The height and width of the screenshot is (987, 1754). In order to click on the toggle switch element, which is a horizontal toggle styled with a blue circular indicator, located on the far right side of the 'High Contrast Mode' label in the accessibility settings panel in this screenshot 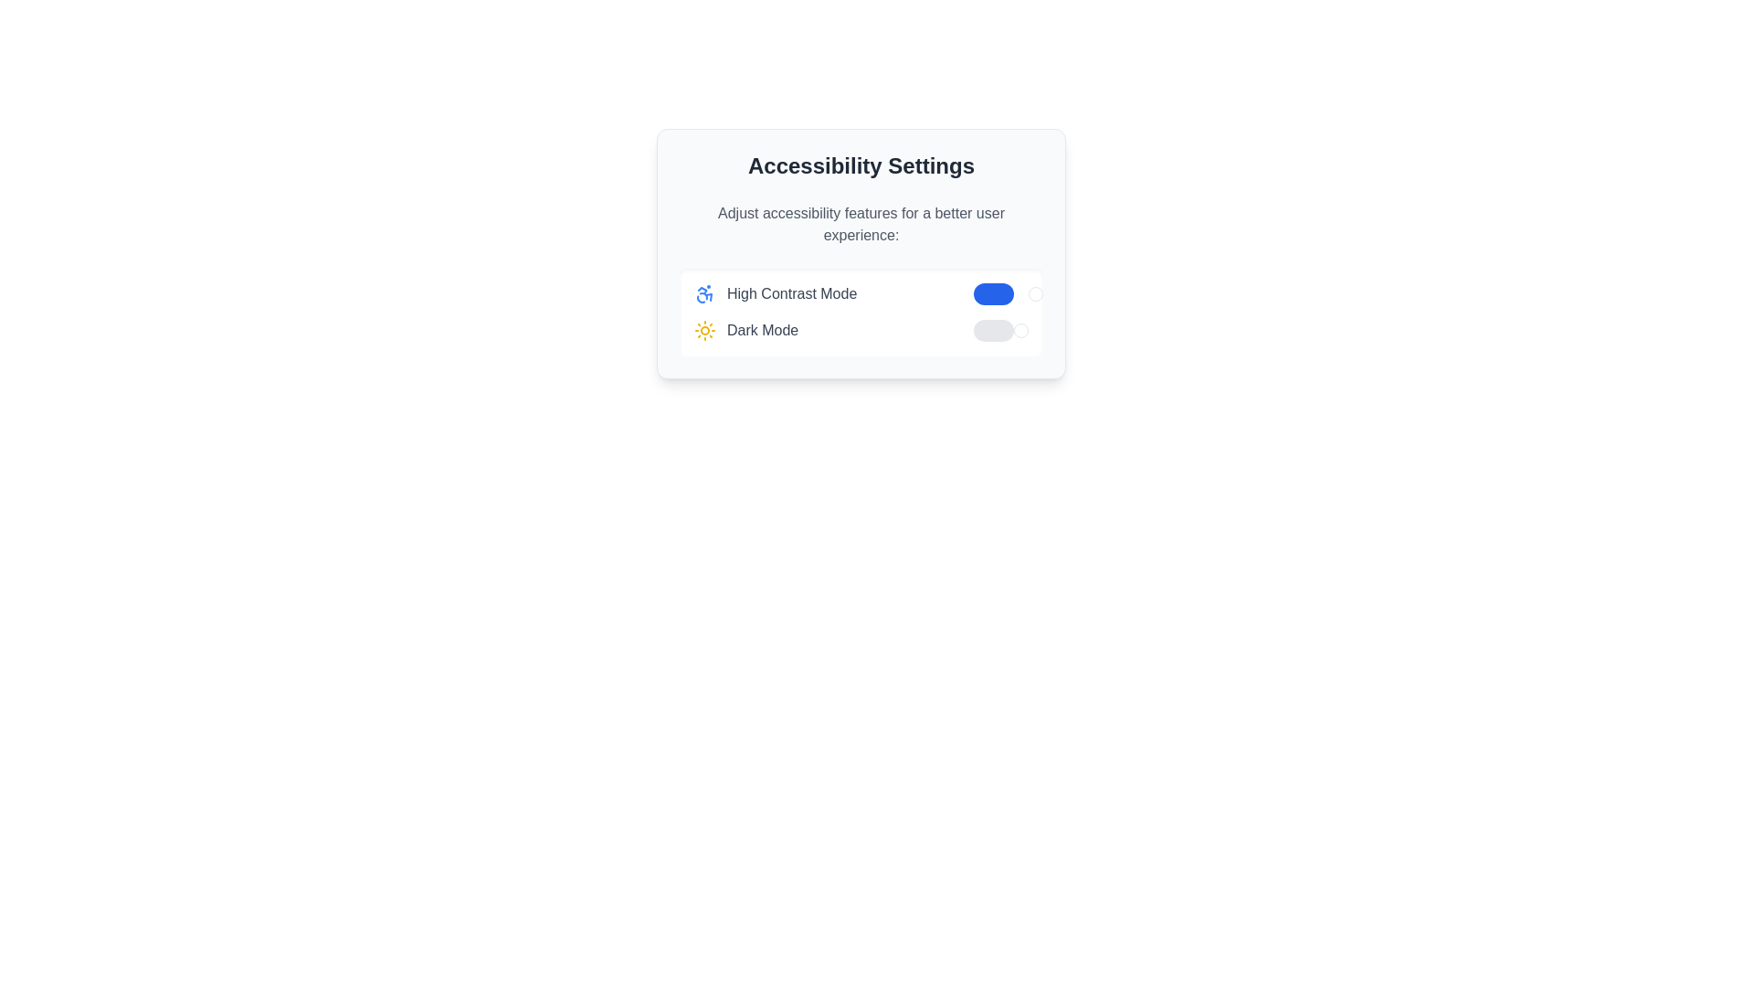, I will do `click(999, 292)`.